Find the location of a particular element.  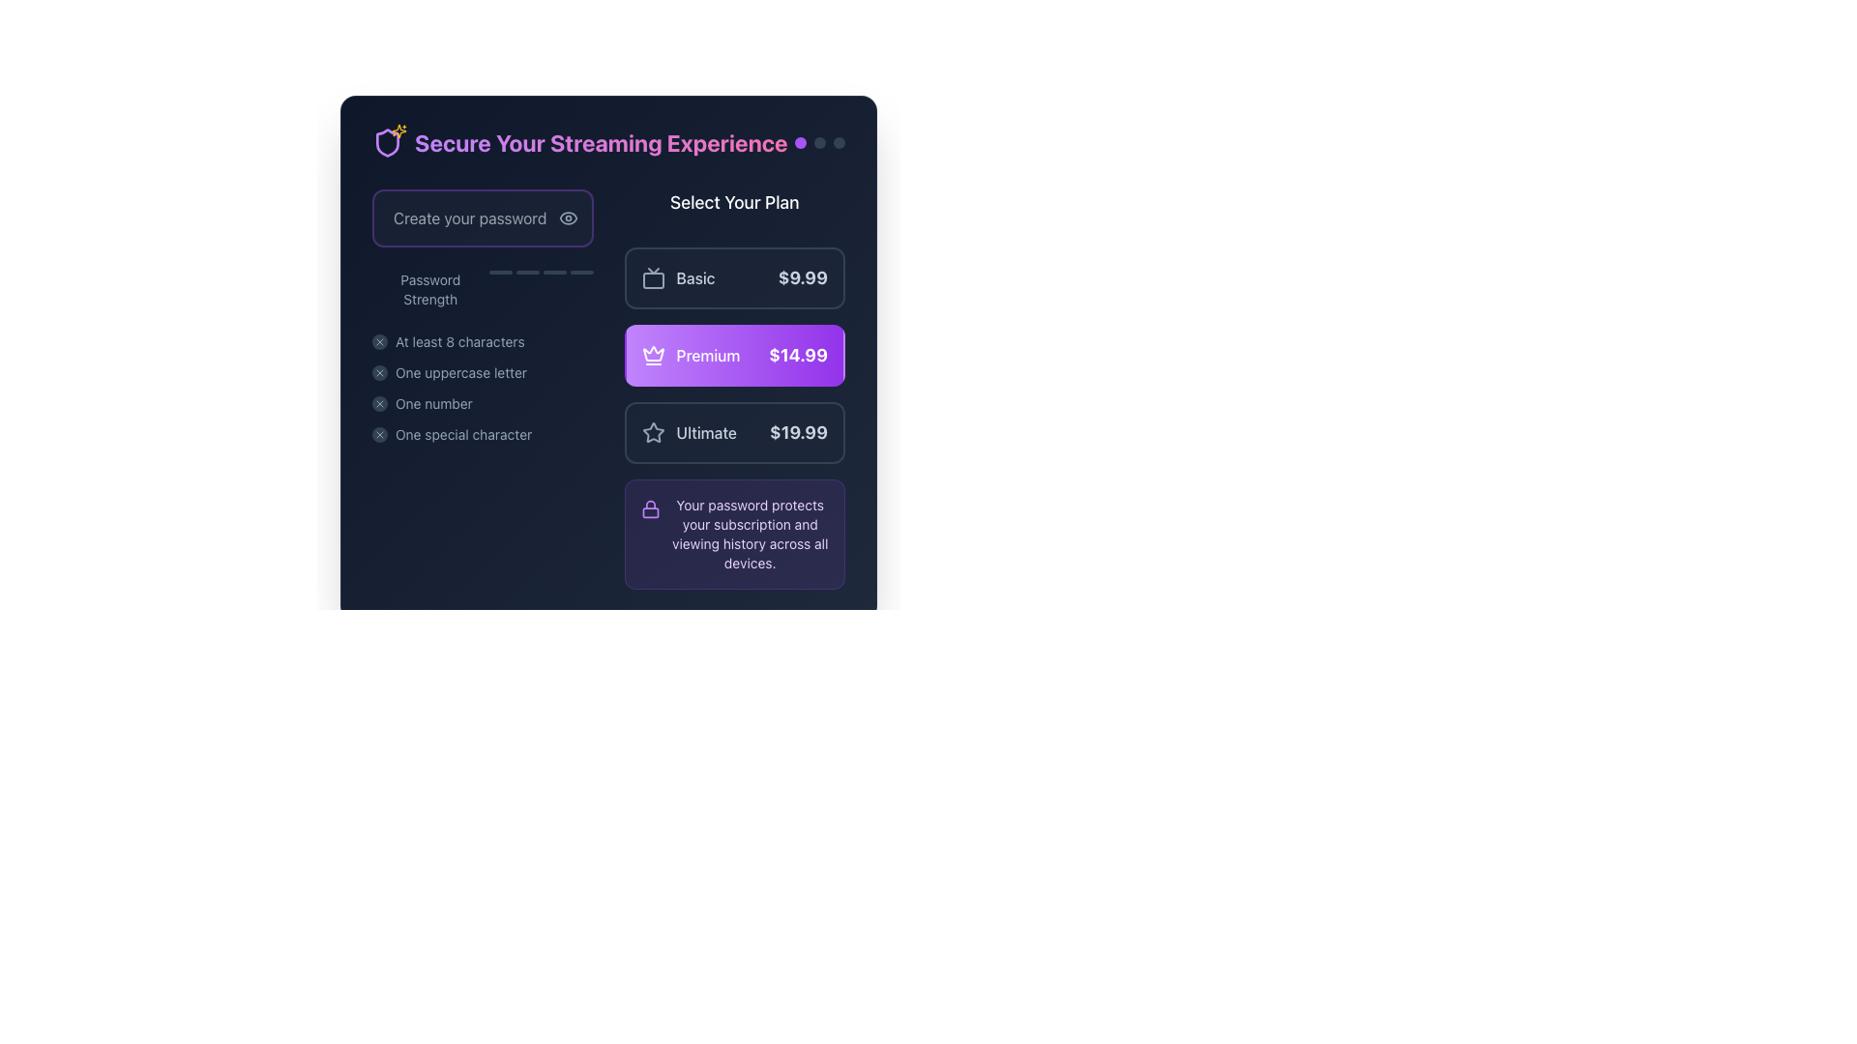

details listed in the instructional list for password criteria, which is located below the 'Password Strength' label and above the subscription plan options is located at coordinates (483, 388).